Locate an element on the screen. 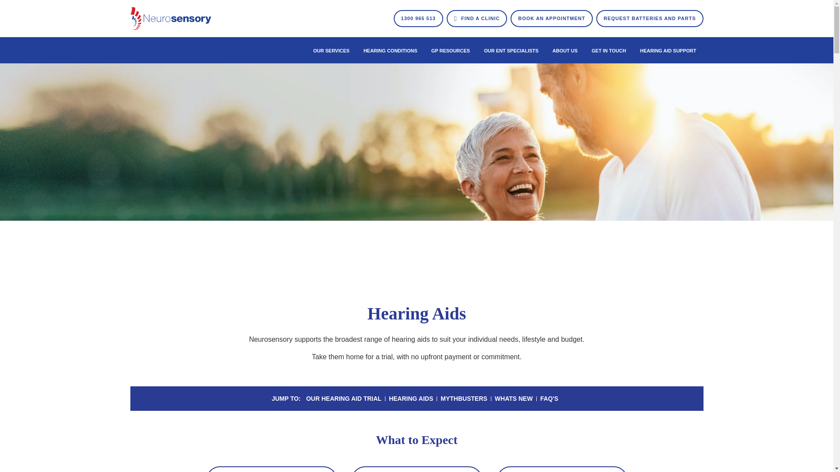 The height and width of the screenshot is (472, 840). 'HEARING CONDITIONS' is located at coordinates (390, 50).